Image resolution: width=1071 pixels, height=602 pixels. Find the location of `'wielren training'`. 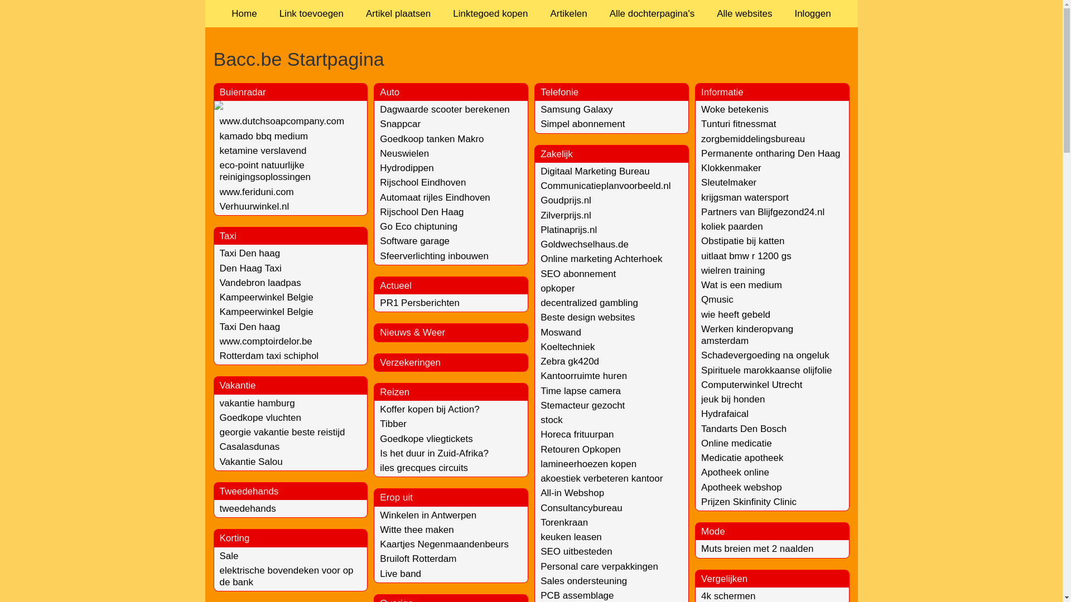

'wielren training' is located at coordinates (733, 270).